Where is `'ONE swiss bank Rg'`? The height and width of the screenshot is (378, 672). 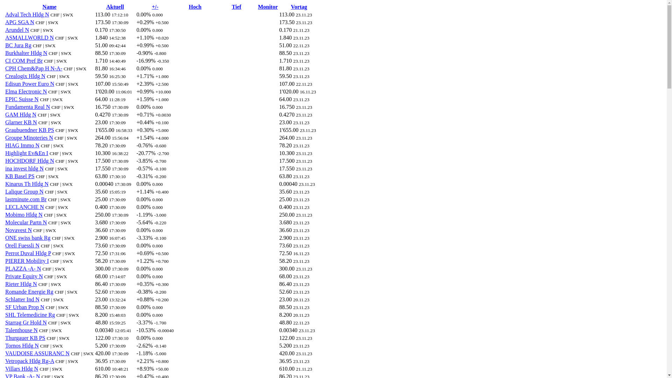
'ONE swiss bank Rg' is located at coordinates (5, 237).